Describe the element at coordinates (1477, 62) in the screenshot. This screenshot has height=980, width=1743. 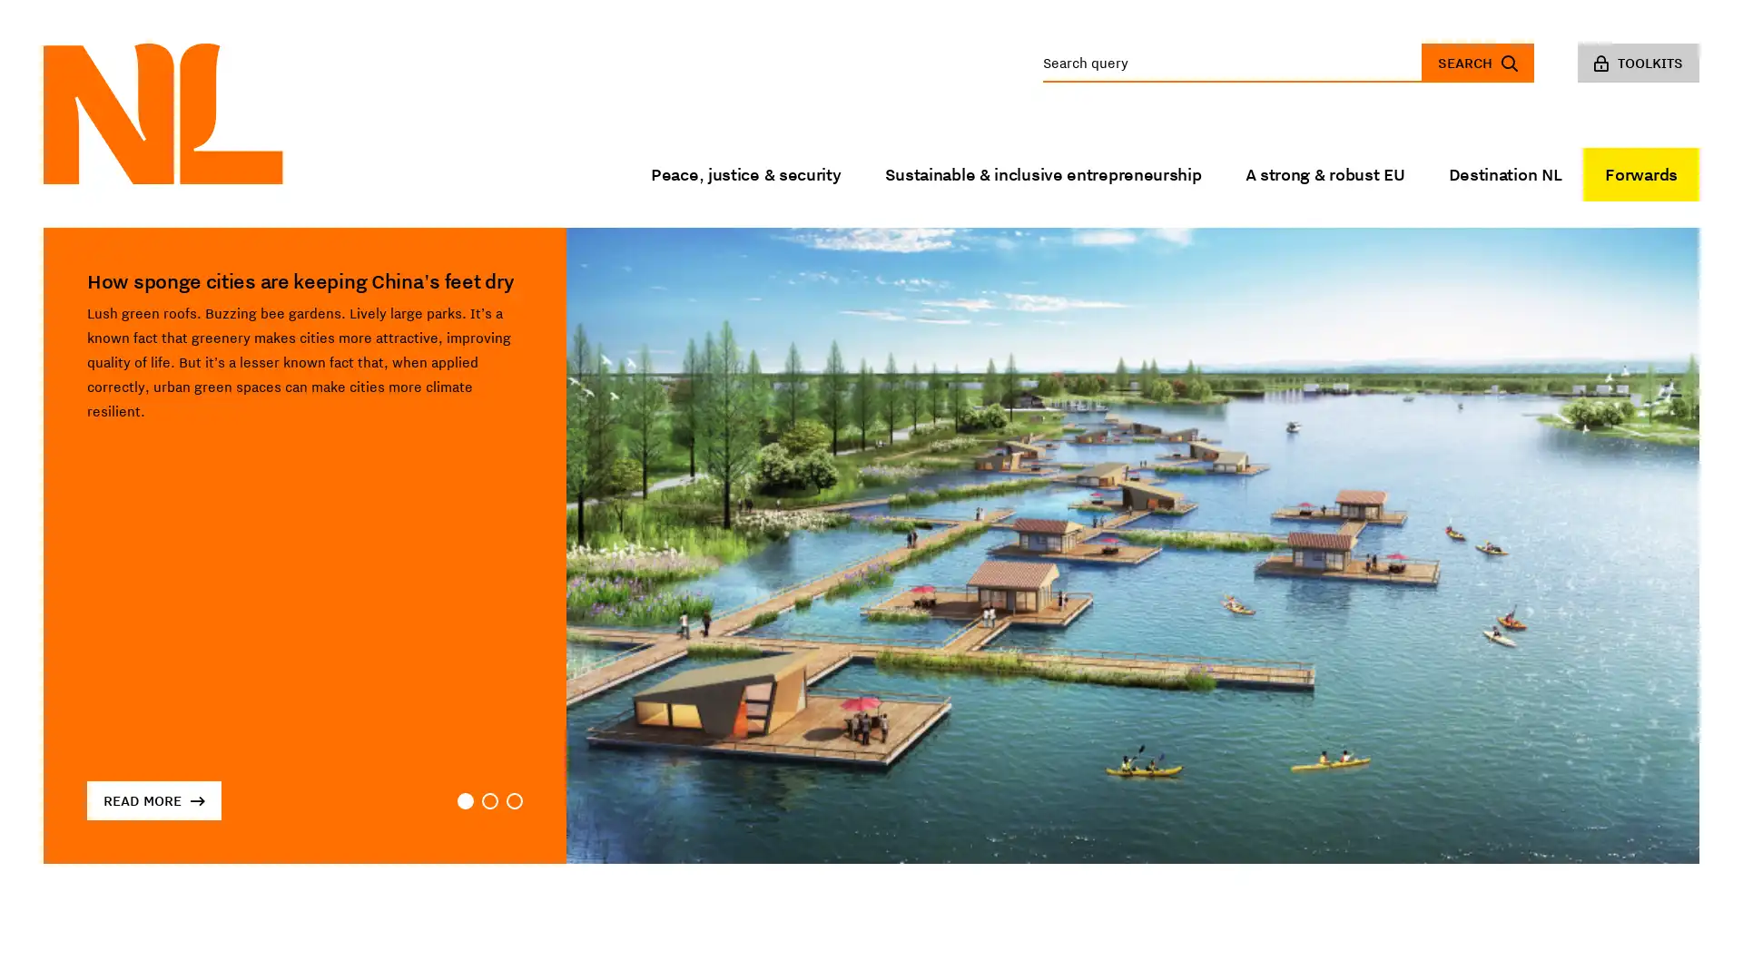
I see `SEARCH` at that location.